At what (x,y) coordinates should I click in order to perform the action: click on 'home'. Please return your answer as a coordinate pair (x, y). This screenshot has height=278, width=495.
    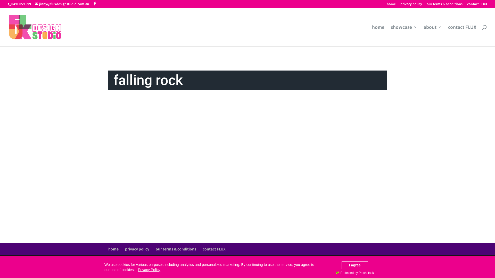
    Looking at the image, I should click on (391, 5).